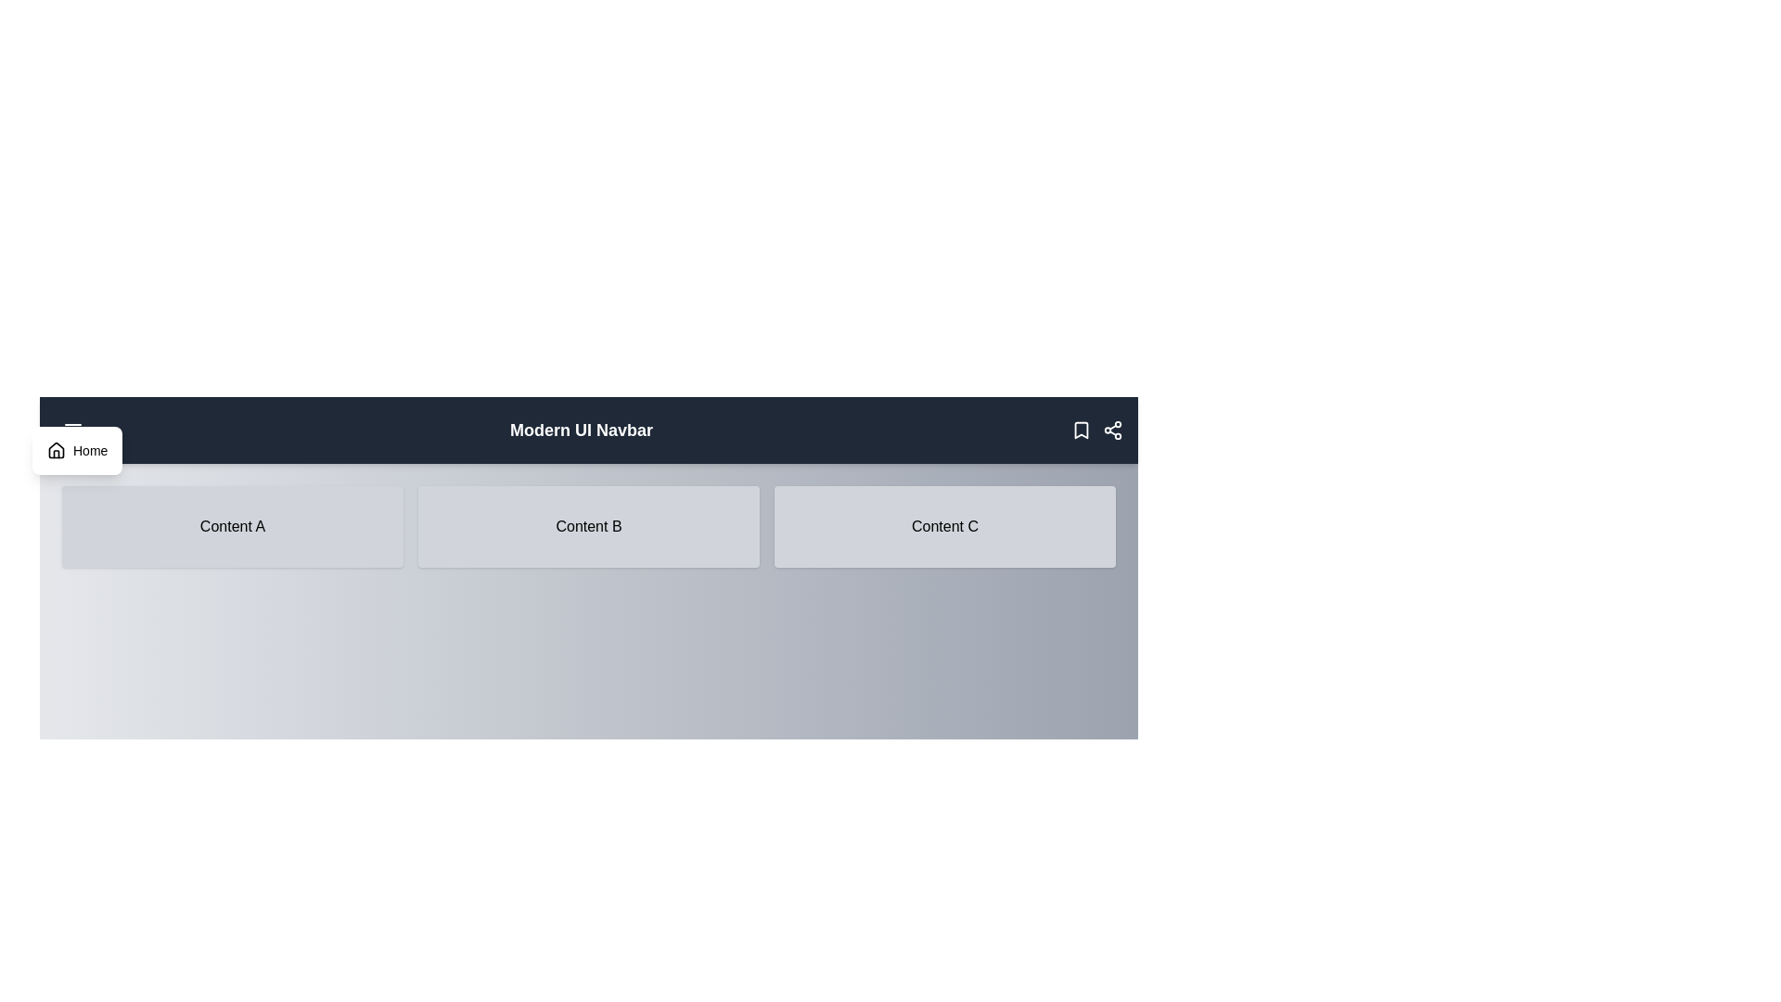 The image size is (1781, 1002). I want to click on the menu button to toggle the menu visibility, so click(72, 430).